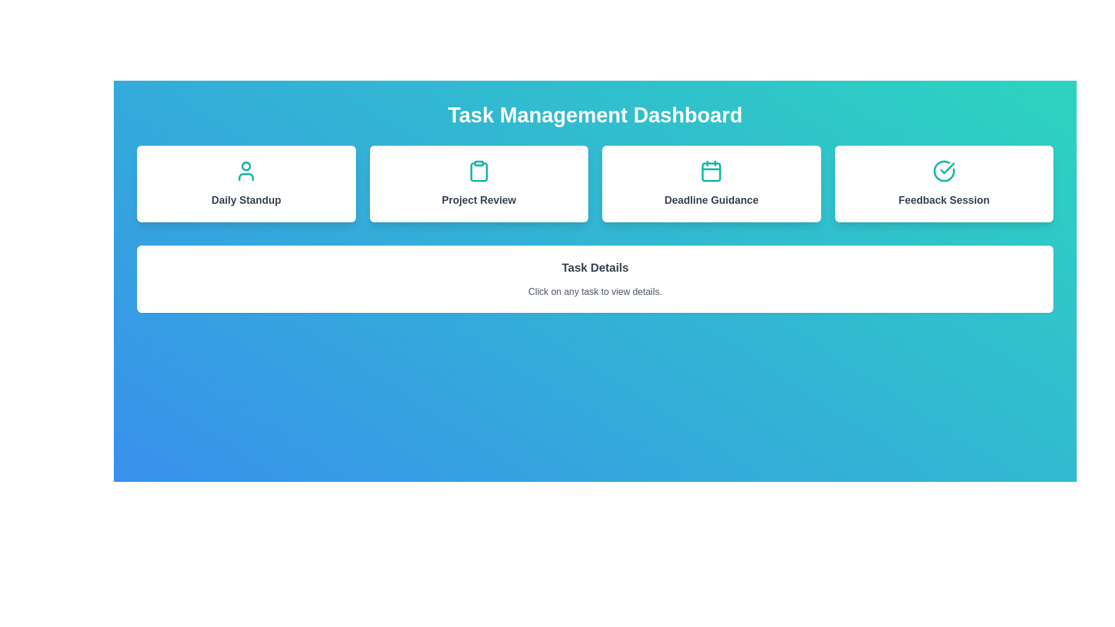 The width and height of the screenshot is (1115, 627). Describe the element at coordinates (479, 199) in the screenshot. I see `text content of the 'Project Review' heading, which is styled in bold gray font and located within a card below a clipboard icon` at that location.